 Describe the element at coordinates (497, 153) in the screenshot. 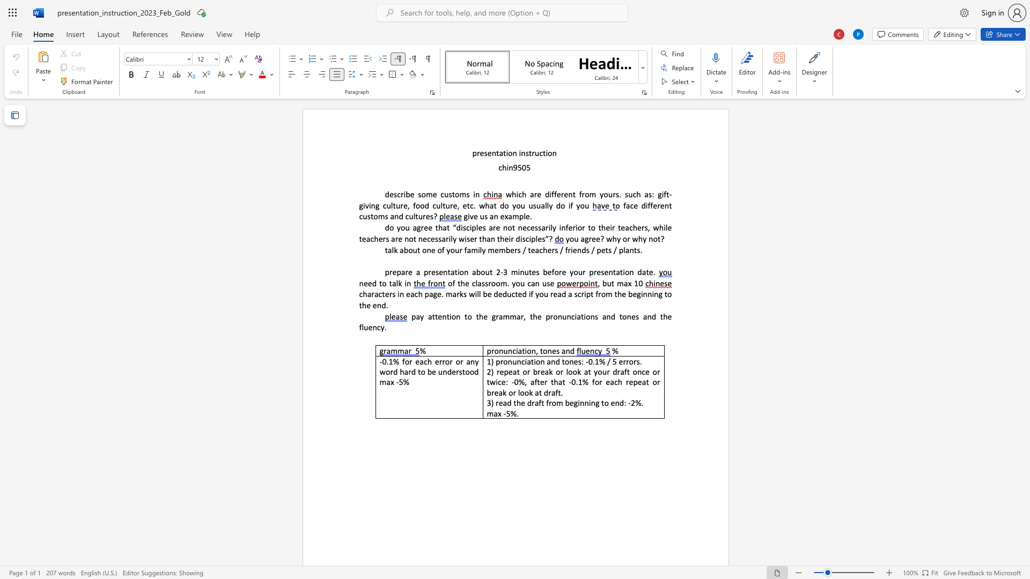

I see `the 1th character "t" in the text` at that location.